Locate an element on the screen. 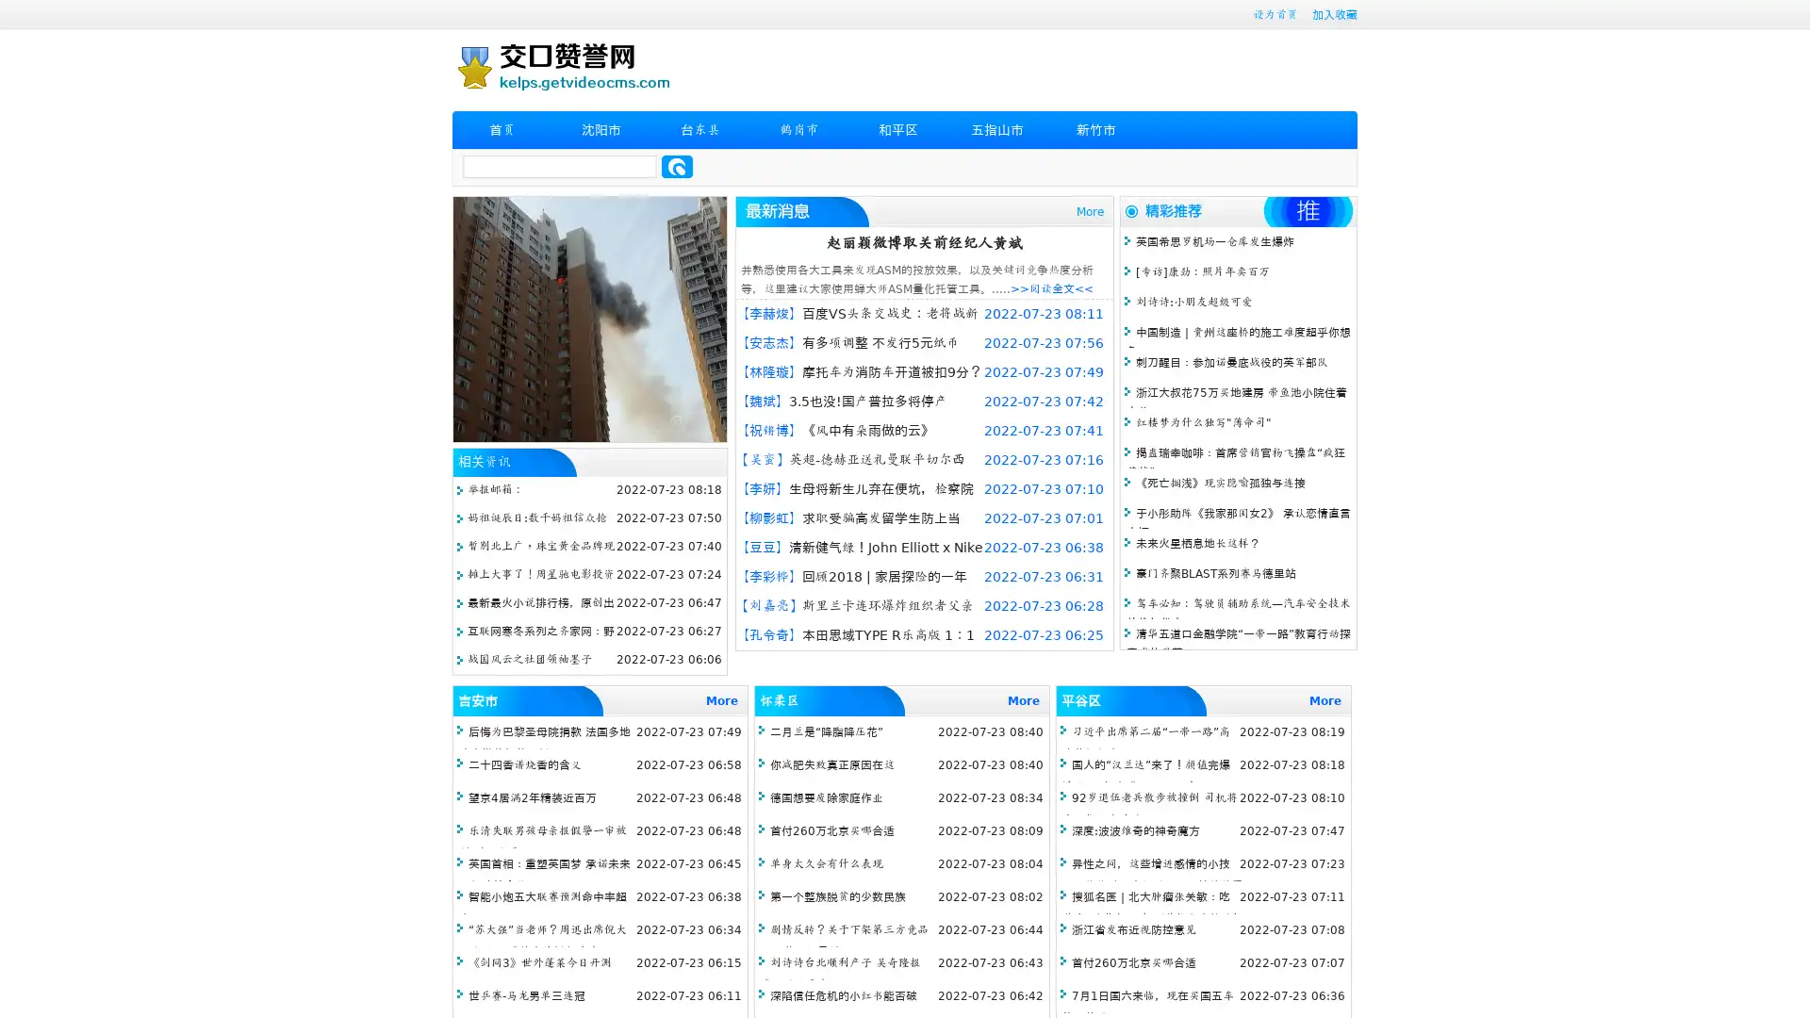 The image size is (1810, 1018). Search is located at coordinates (677, 166).